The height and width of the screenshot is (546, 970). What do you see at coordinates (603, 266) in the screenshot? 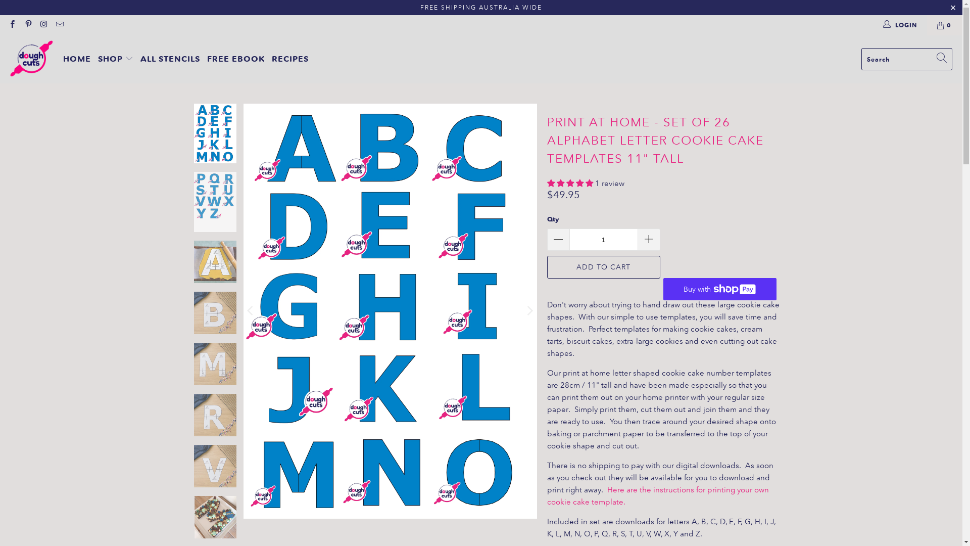
I see `'ADD TO CART'` at bounding box center [603, 266].